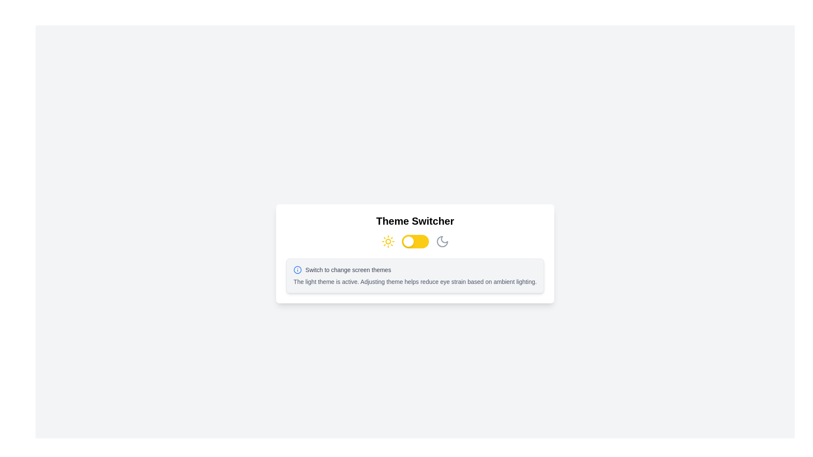  I want to click on the informational text that reads 'The light theme is active. Adjusting theme helps reduce eye strain based on ambient lighting.' which is displayed in a smaller, lighter gray font below the theme-switching options, so click(415, 282).